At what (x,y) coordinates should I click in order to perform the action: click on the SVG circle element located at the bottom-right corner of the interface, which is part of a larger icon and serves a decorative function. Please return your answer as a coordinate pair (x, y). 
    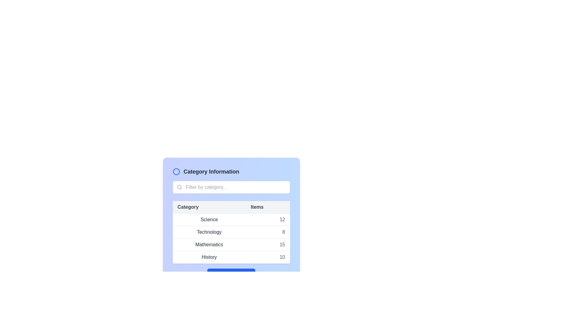
    Looking at the image, I should click on (246, 274).